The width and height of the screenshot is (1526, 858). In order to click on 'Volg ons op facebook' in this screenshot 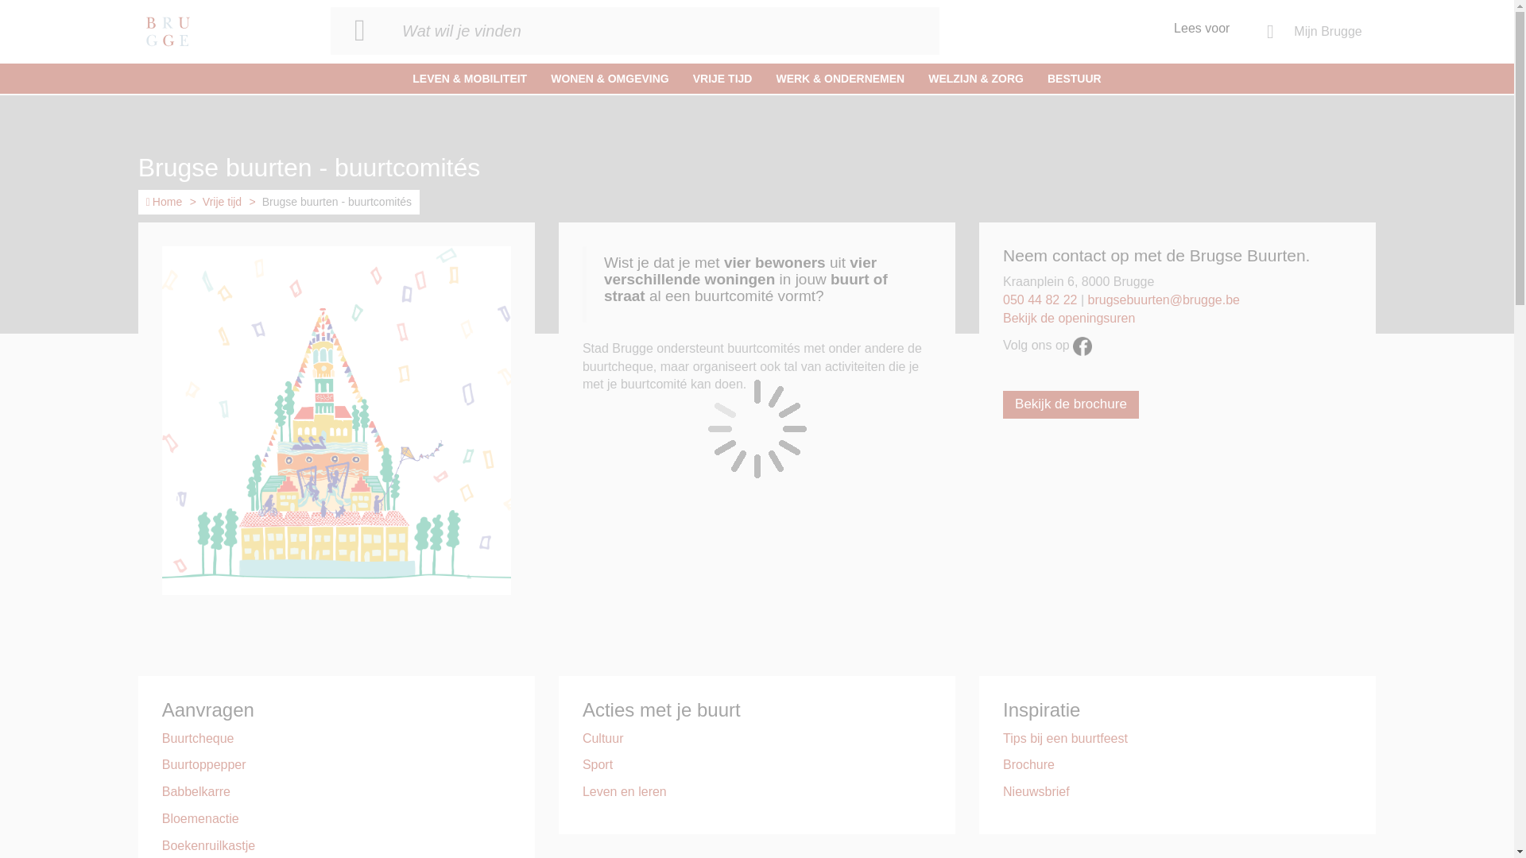, I will do `click(1082, 344)`.